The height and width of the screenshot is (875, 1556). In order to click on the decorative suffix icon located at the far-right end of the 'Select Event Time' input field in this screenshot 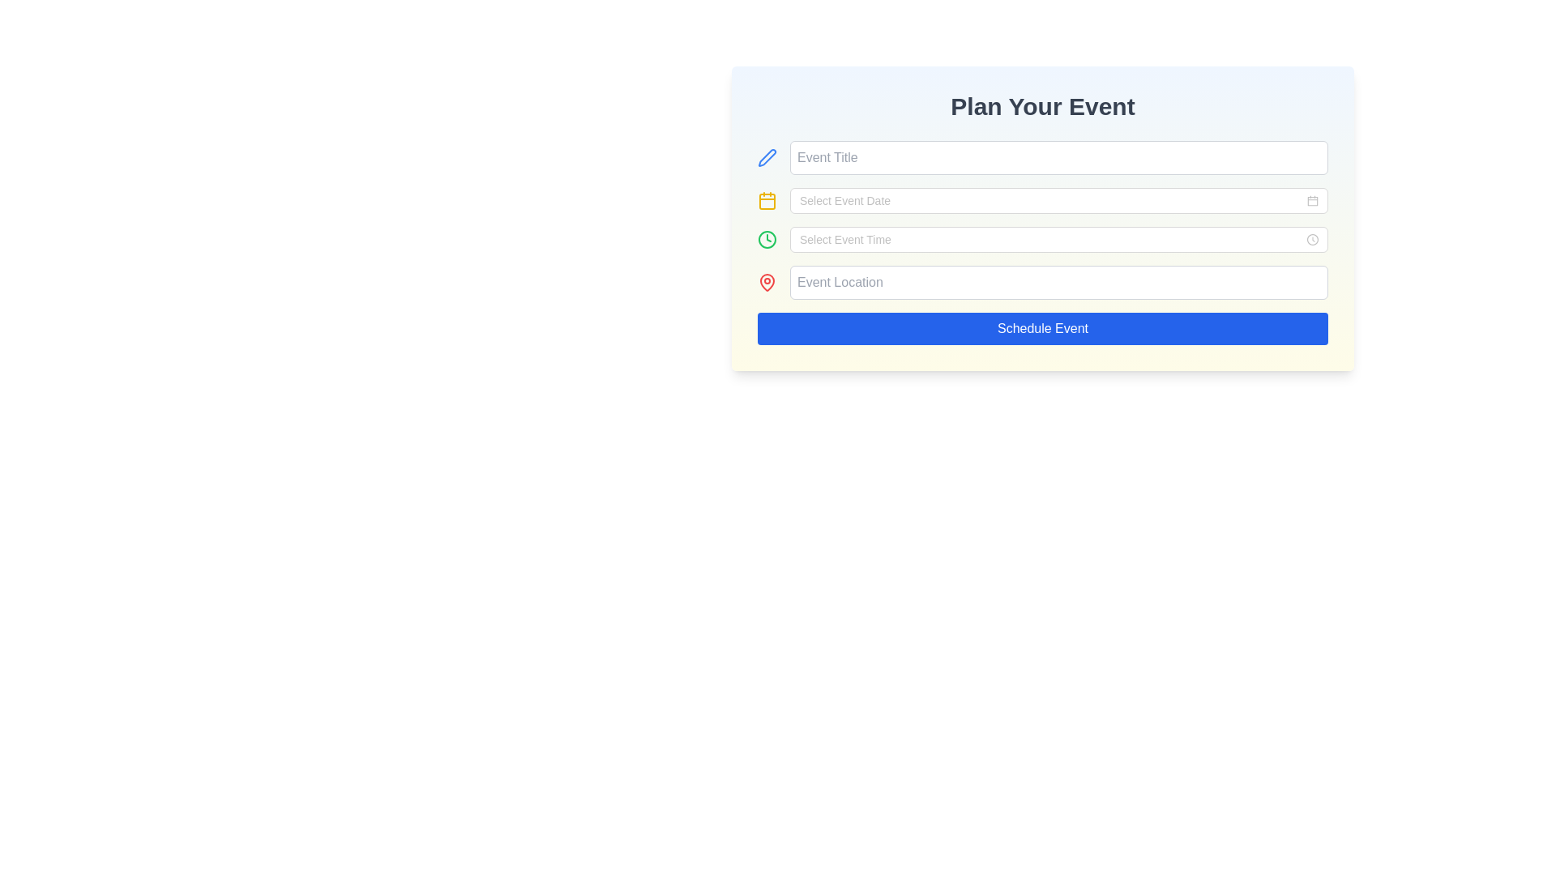, I will do `click(1313, 240)`.